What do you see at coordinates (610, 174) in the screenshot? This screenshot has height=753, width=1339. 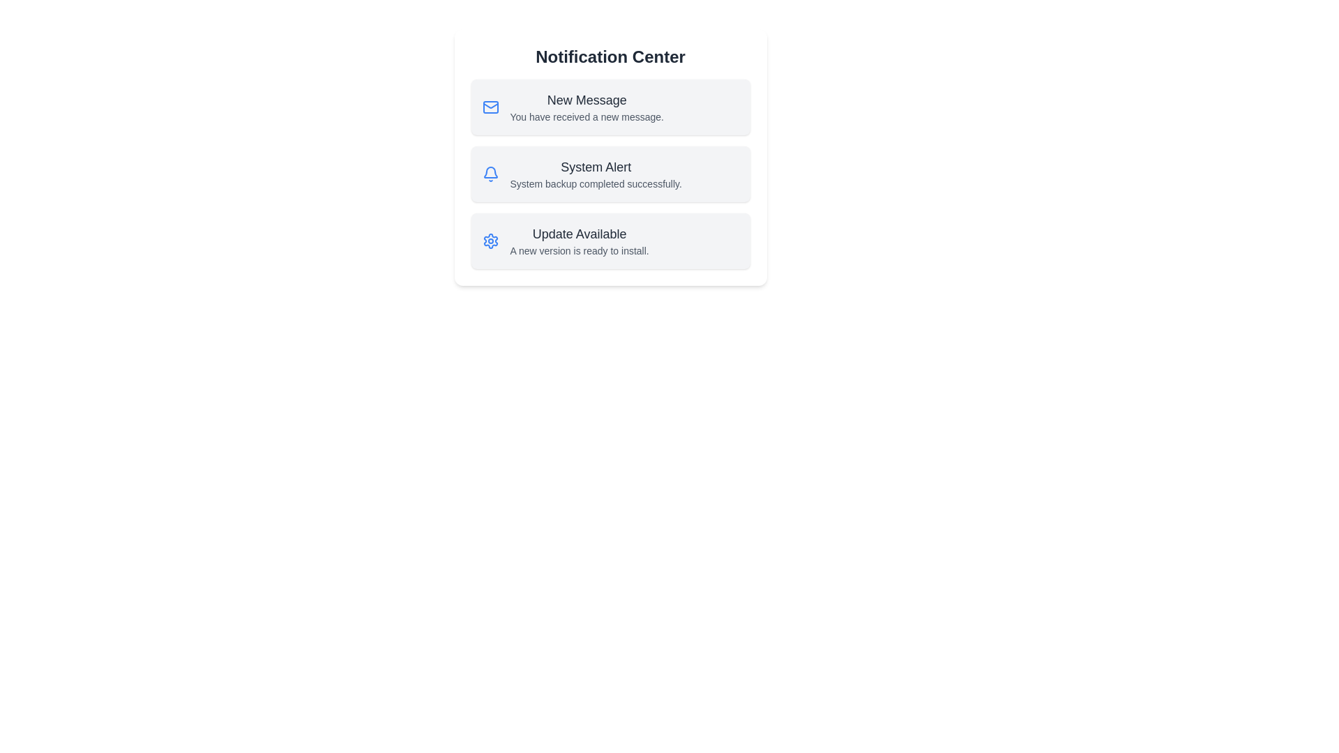 I see `text of the Notification Card that informs users about a completed system backup, which is the second notification item in the vertical list` at bounding box center [610, 174].